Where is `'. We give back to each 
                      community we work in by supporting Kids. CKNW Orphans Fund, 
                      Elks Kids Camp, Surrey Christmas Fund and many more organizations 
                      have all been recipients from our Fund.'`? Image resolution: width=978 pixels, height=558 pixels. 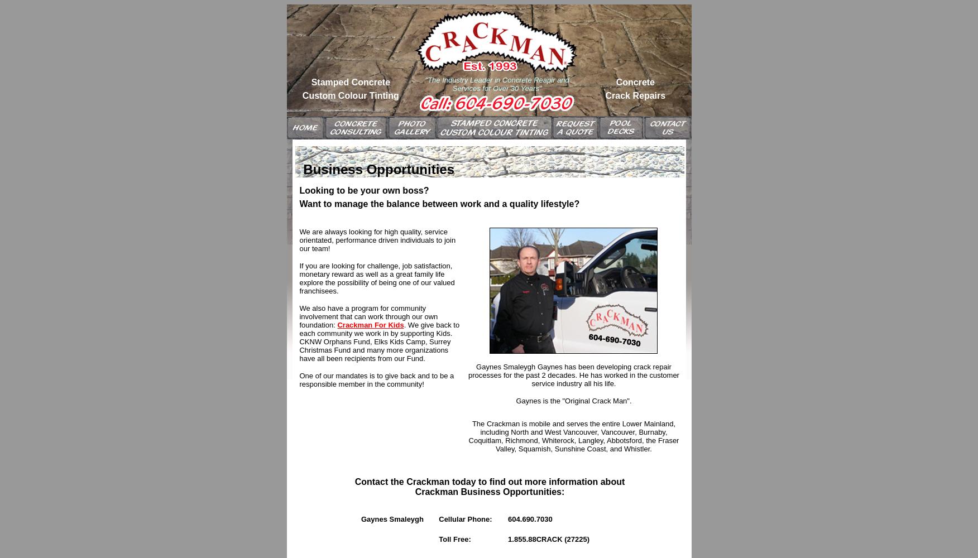
'. We give back to each 
                      community we work in by supporting Kids. CKNW Orphans Fund, 
                      Elks Kids Camp, Surrey Christmas Fund and many more organizations 
                      have all been recipients from our Fund.' is located at coordinates (378, 341).